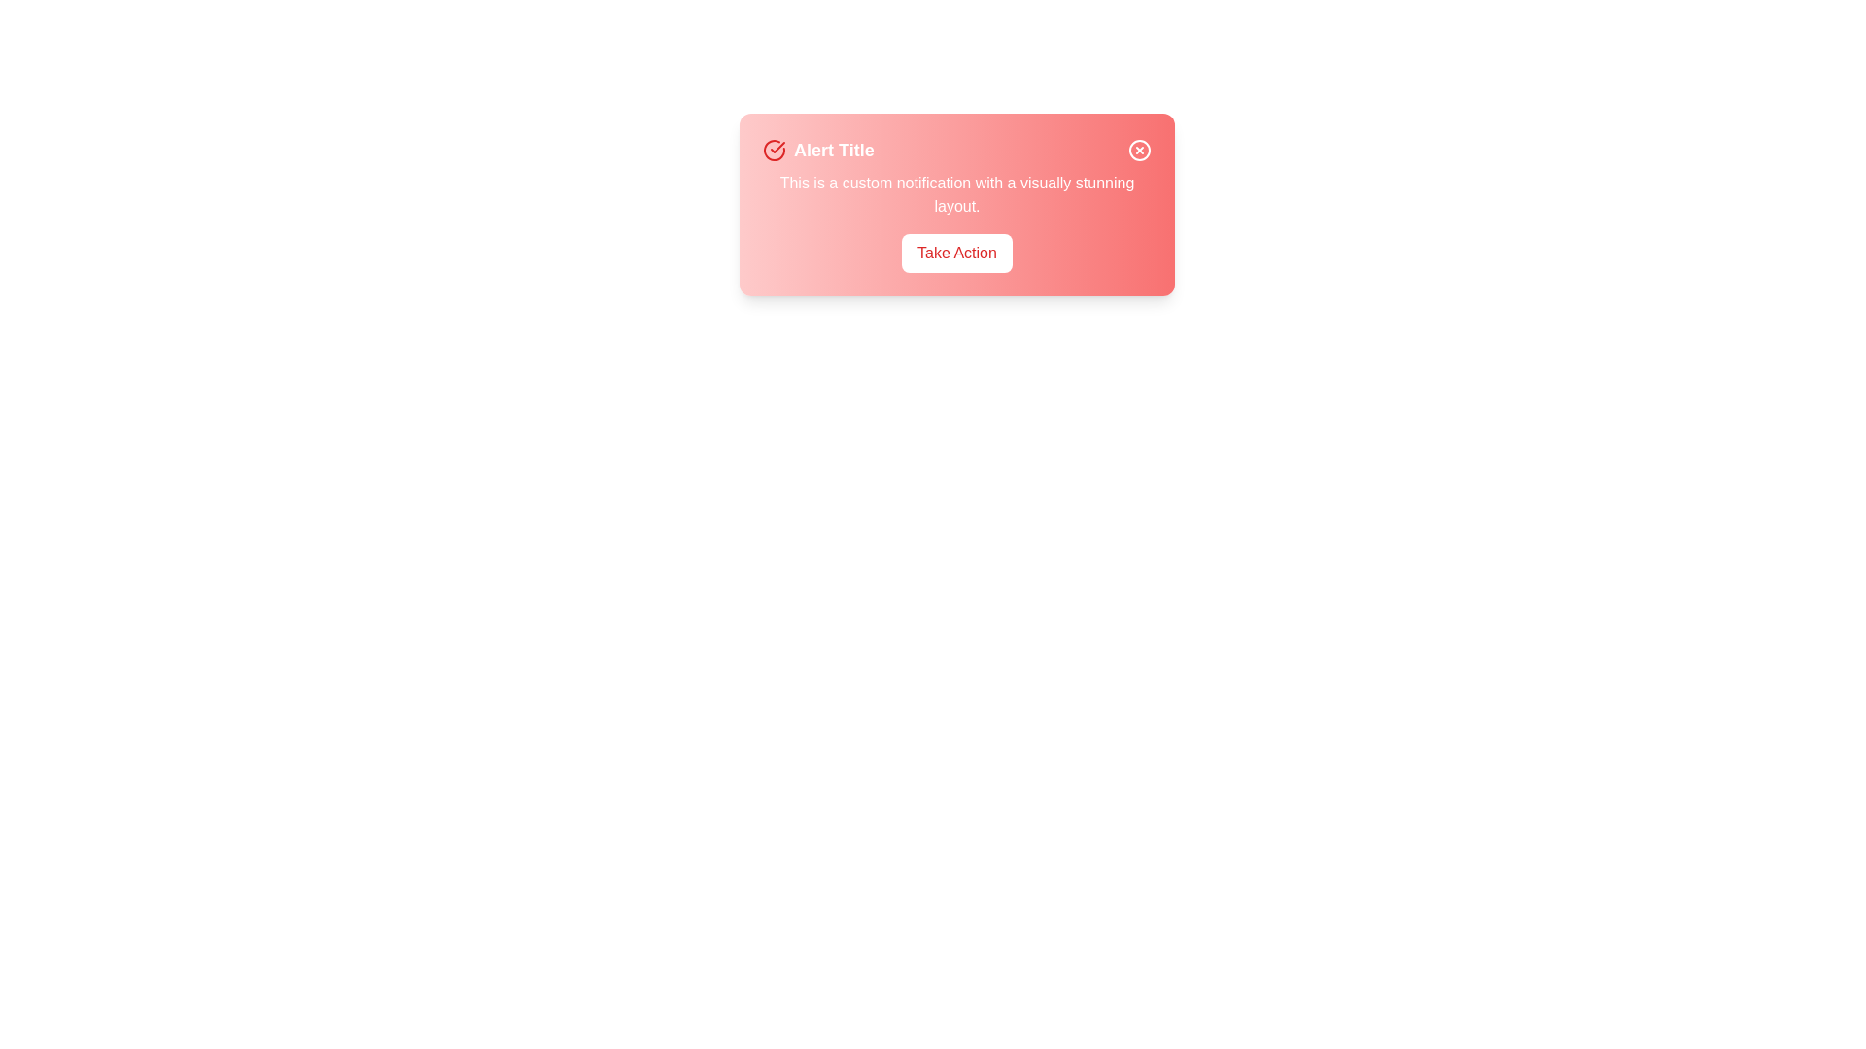  Describe the element at coordinates (1139, 149) in the screenshot. I see `close button to dismiss the alert` at that location.